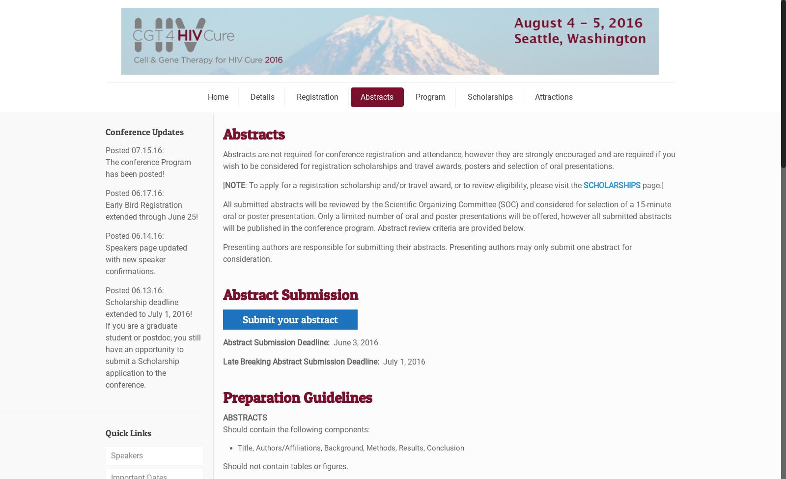 The height and width of the screenshot is (479, 786). Describe the element at coordinates (144, 132) in the screenshot. I see `'Conference Updates'` at that location.